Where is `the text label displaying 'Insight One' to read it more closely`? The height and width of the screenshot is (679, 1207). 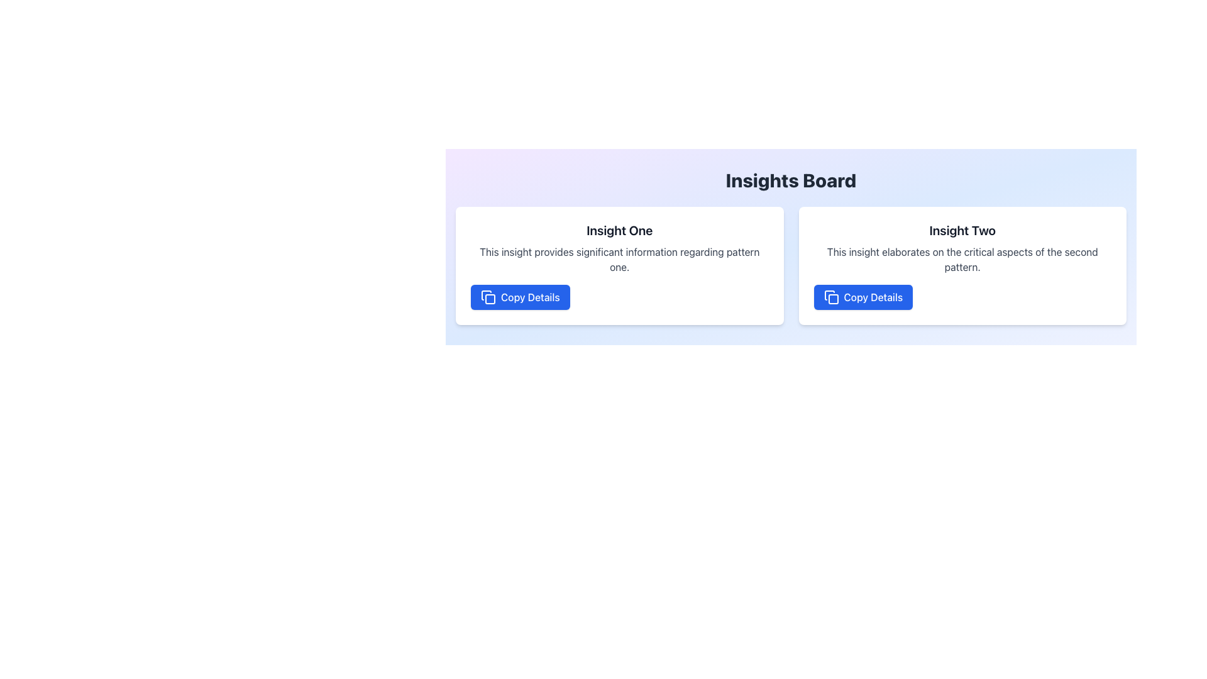
the text label displaying 'Insight One' to read it more closely is located at coordinates (619, 230).